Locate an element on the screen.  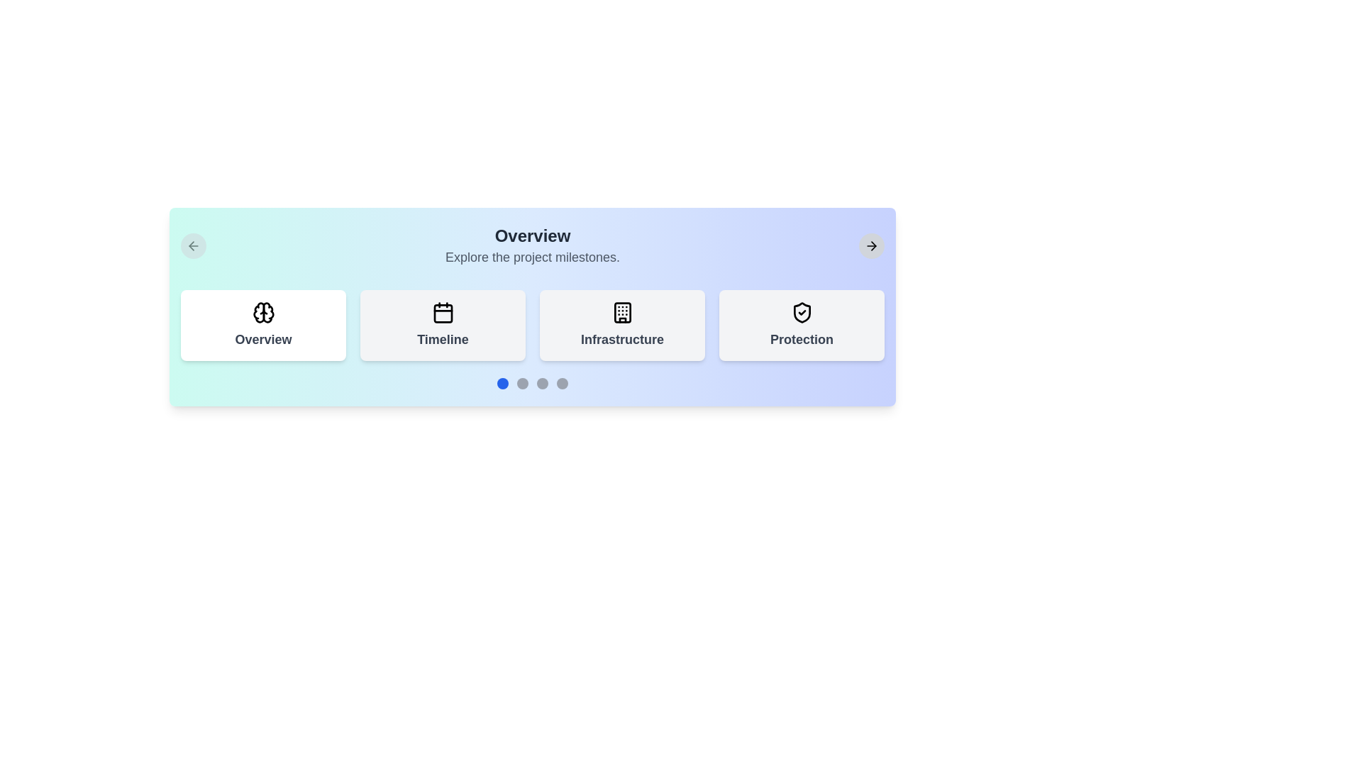
the highlighted dot in the carousel navigation system, which serves as a non-interactive indicator for the currently active slide, located at the lower-central part of the interface is located at coordinates (503, 383).